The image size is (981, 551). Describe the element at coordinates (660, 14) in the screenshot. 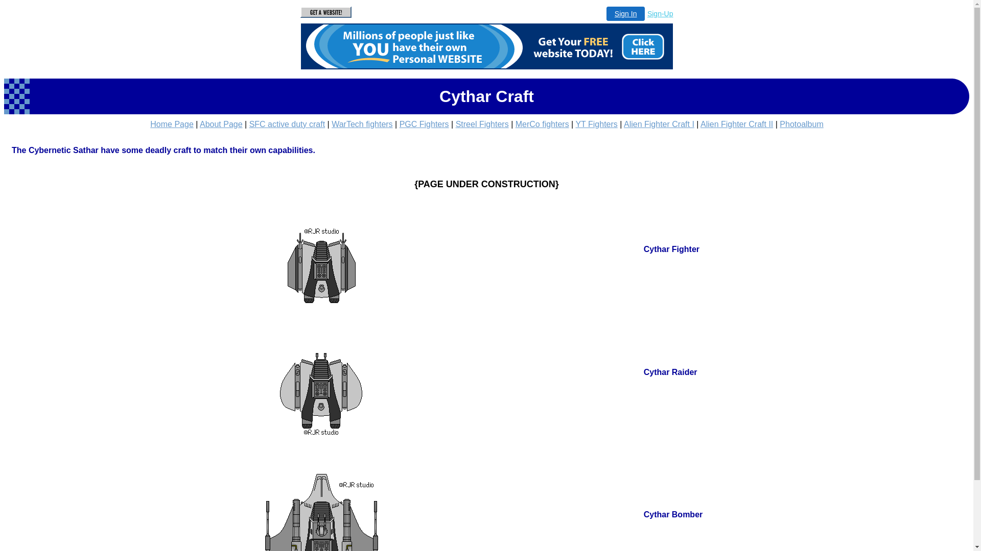

I see `'Sign-Up'` at that location.